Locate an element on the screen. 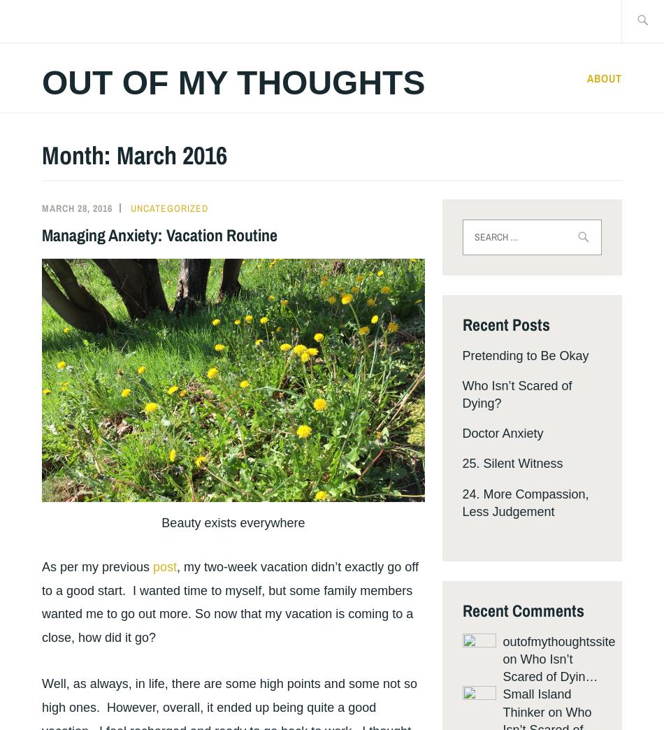 This screenshot has width=664, height=730. 'Out of My Thoughts' is located at coordinates (42, 83).